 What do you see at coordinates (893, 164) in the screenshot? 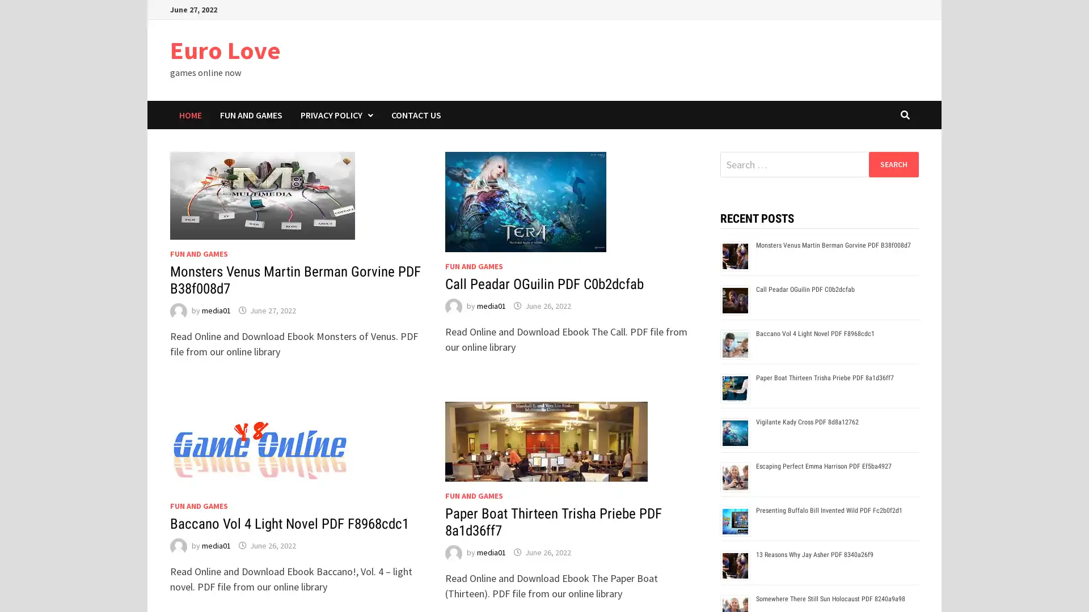
I see `Search` at bounding box center [893, 164].